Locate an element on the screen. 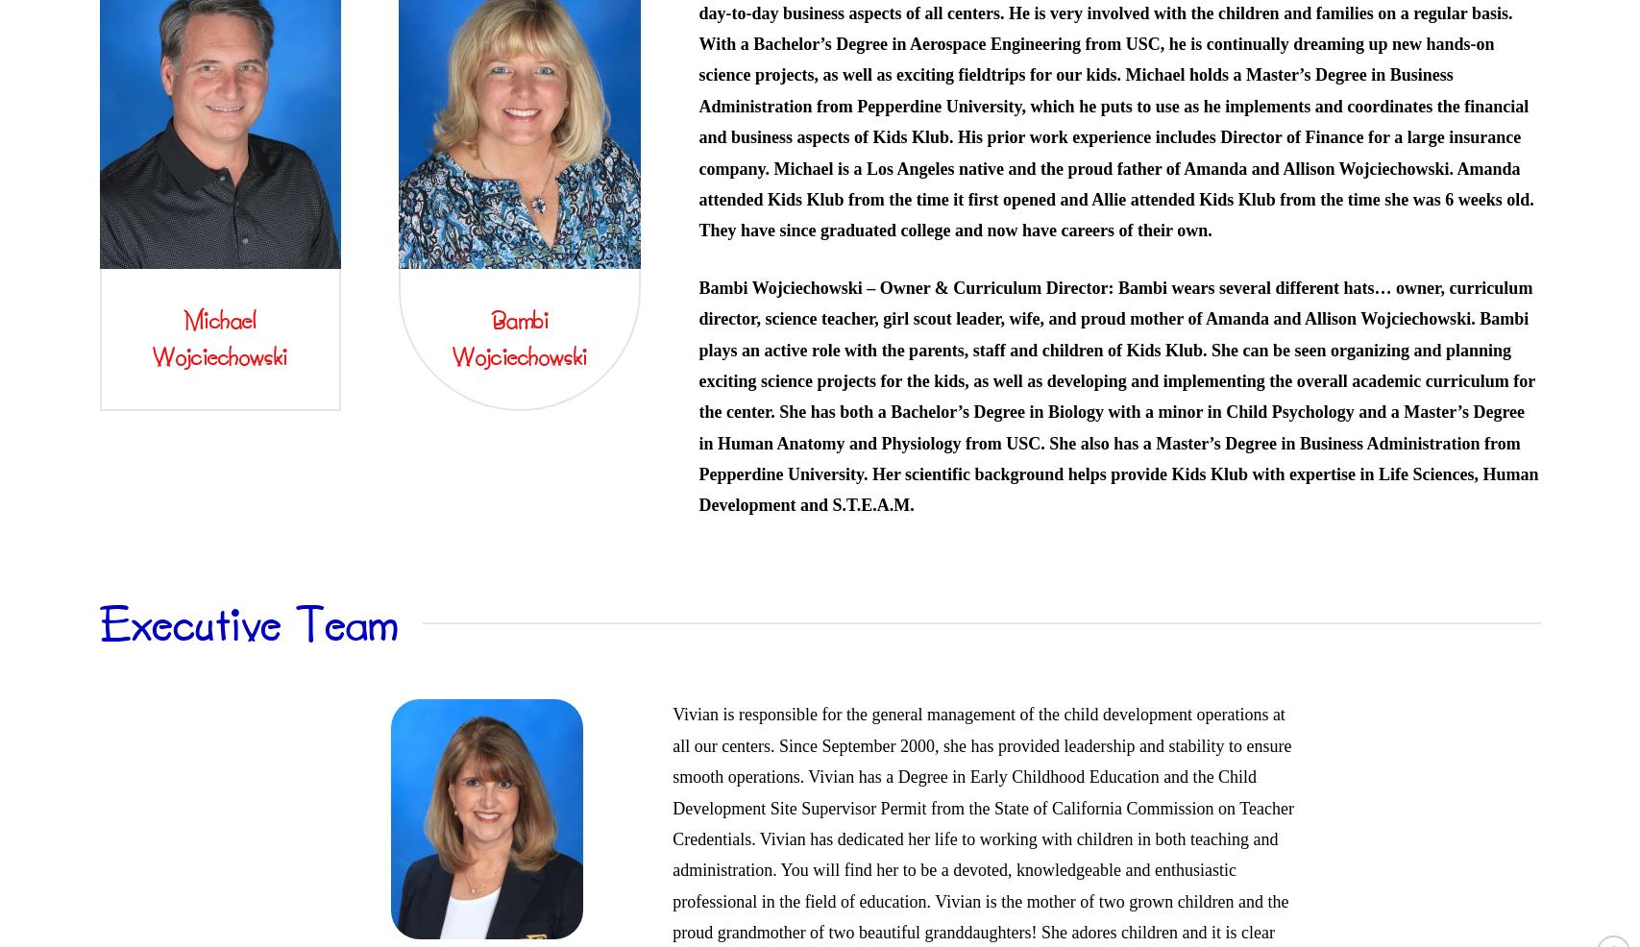 This screenshot has width=1640, height=947. 'Gross Motor Skills' is located at coordinates (1039, 222).